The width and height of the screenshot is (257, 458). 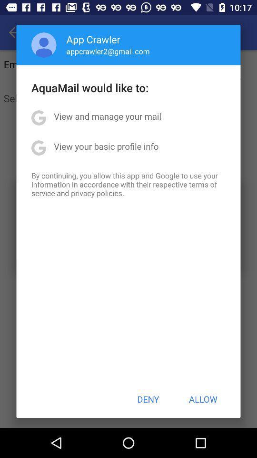 I want to click on app crawler icon, so click(x=93, y=39).